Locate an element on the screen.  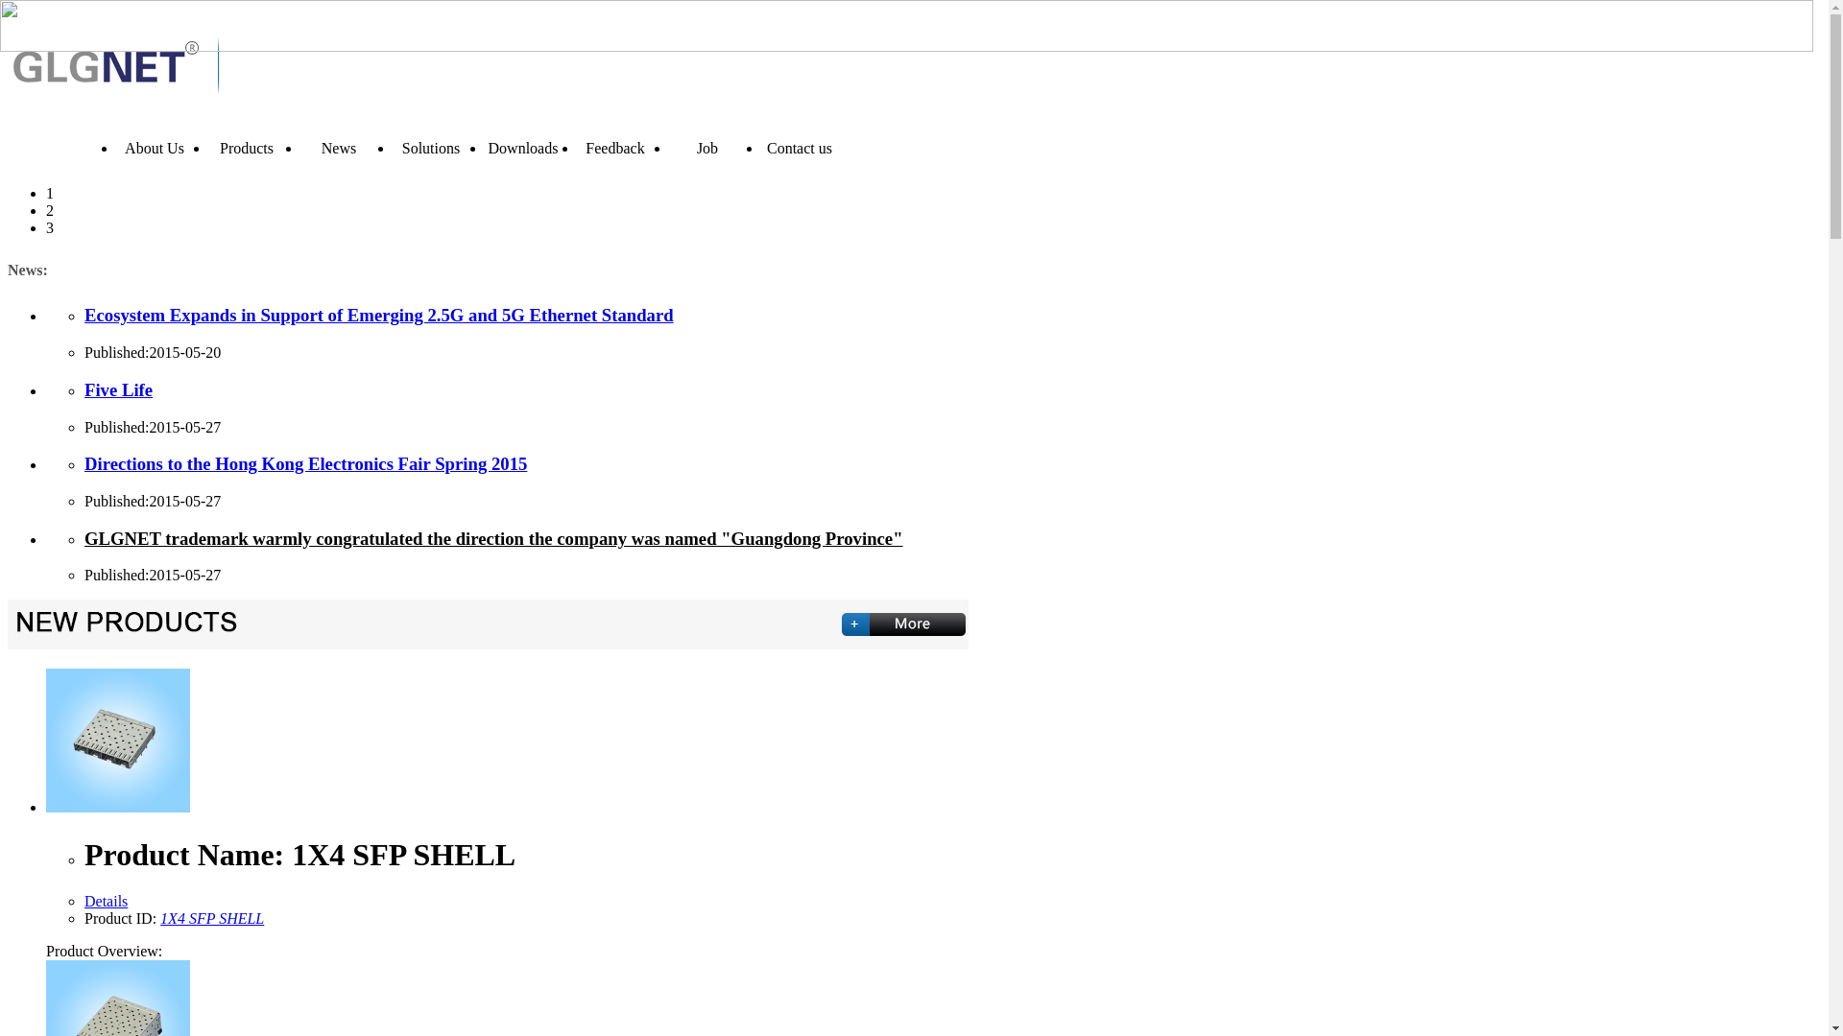
'1X4 SFP SHELL' is located at coordinates (117, 807).